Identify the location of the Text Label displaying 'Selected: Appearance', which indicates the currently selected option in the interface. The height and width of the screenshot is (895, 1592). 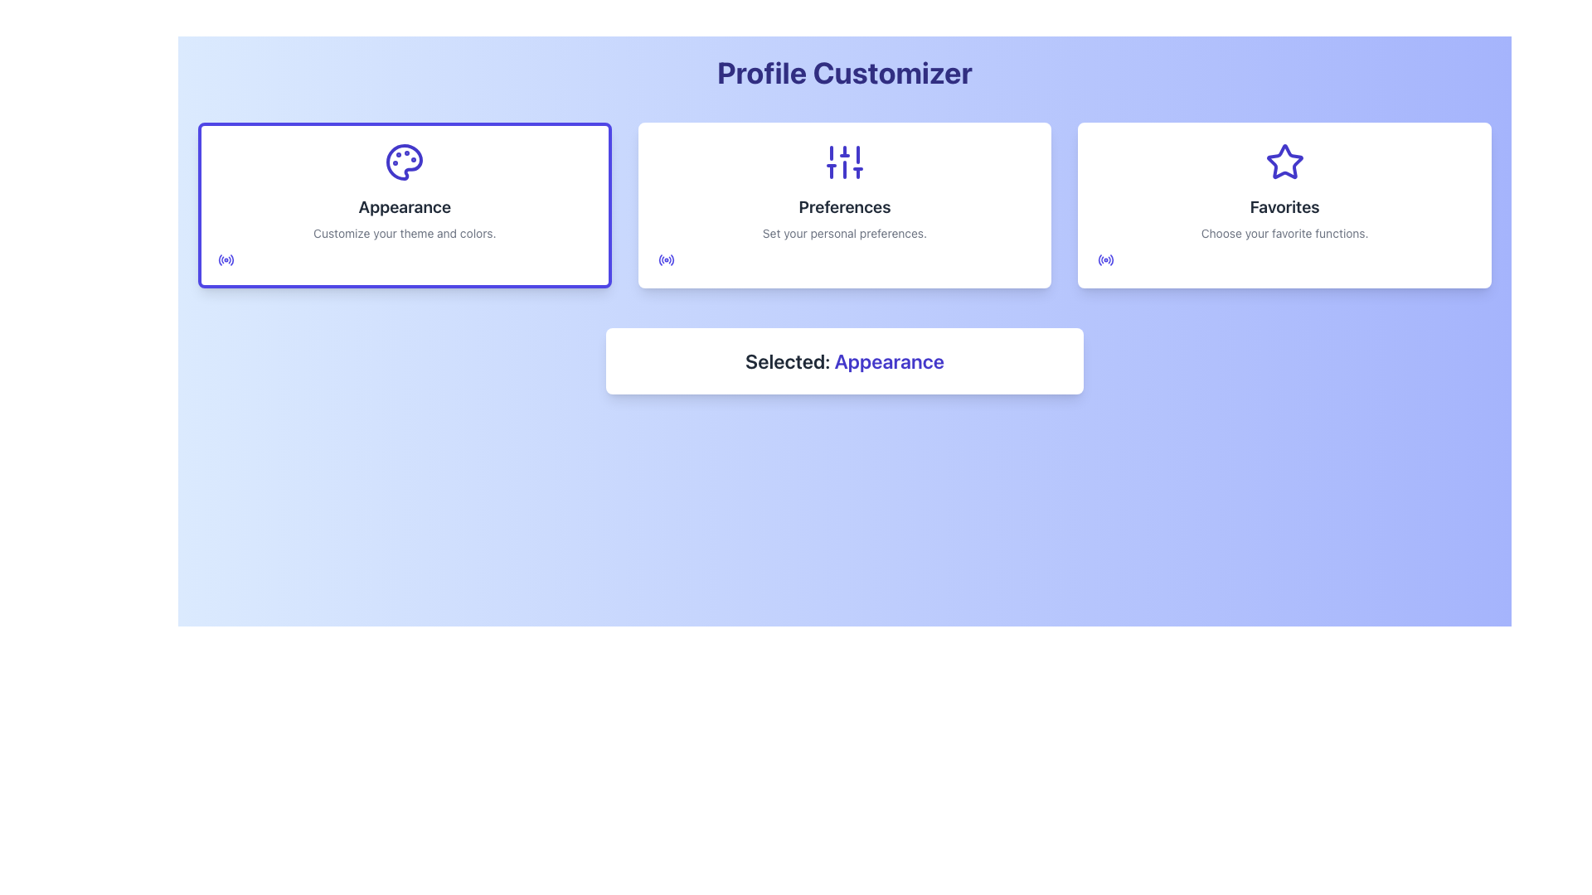
(886, 360).